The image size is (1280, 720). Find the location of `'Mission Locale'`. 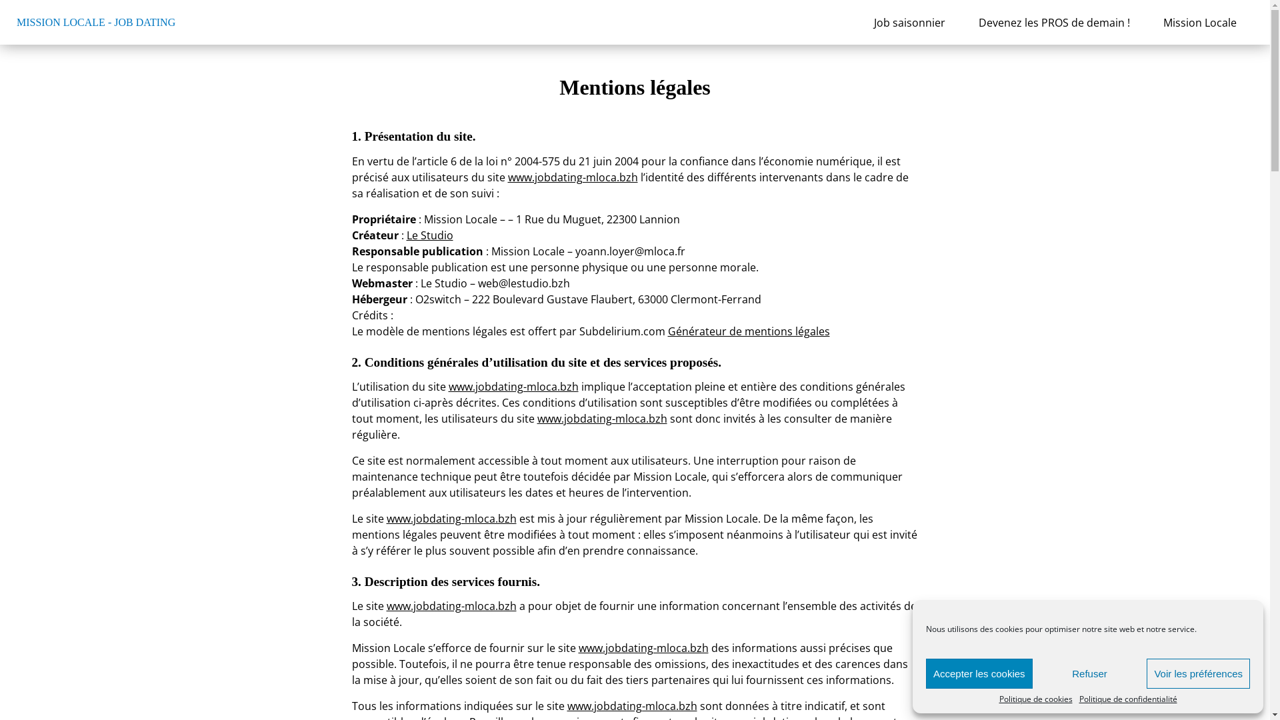

'Mission Locale' is located at coordinates (1200, 22).